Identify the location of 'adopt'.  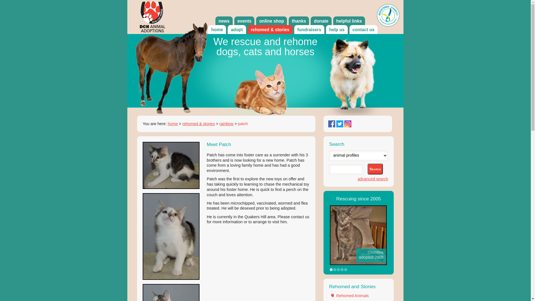
(237, 30).